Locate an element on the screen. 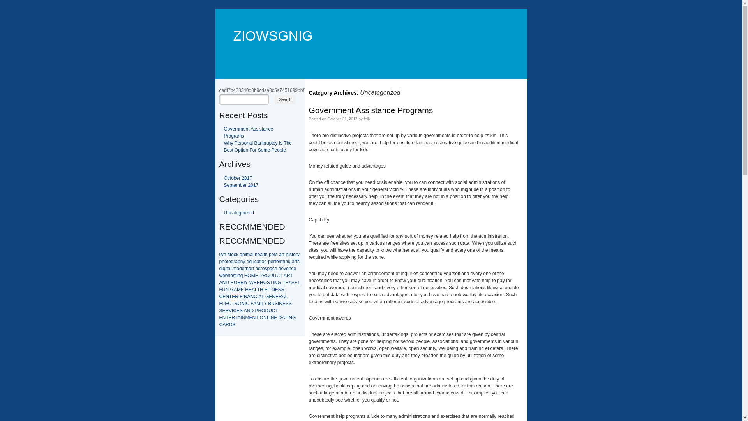 The image size is (748, 421). 'I' is located at coordinates (257, 296).